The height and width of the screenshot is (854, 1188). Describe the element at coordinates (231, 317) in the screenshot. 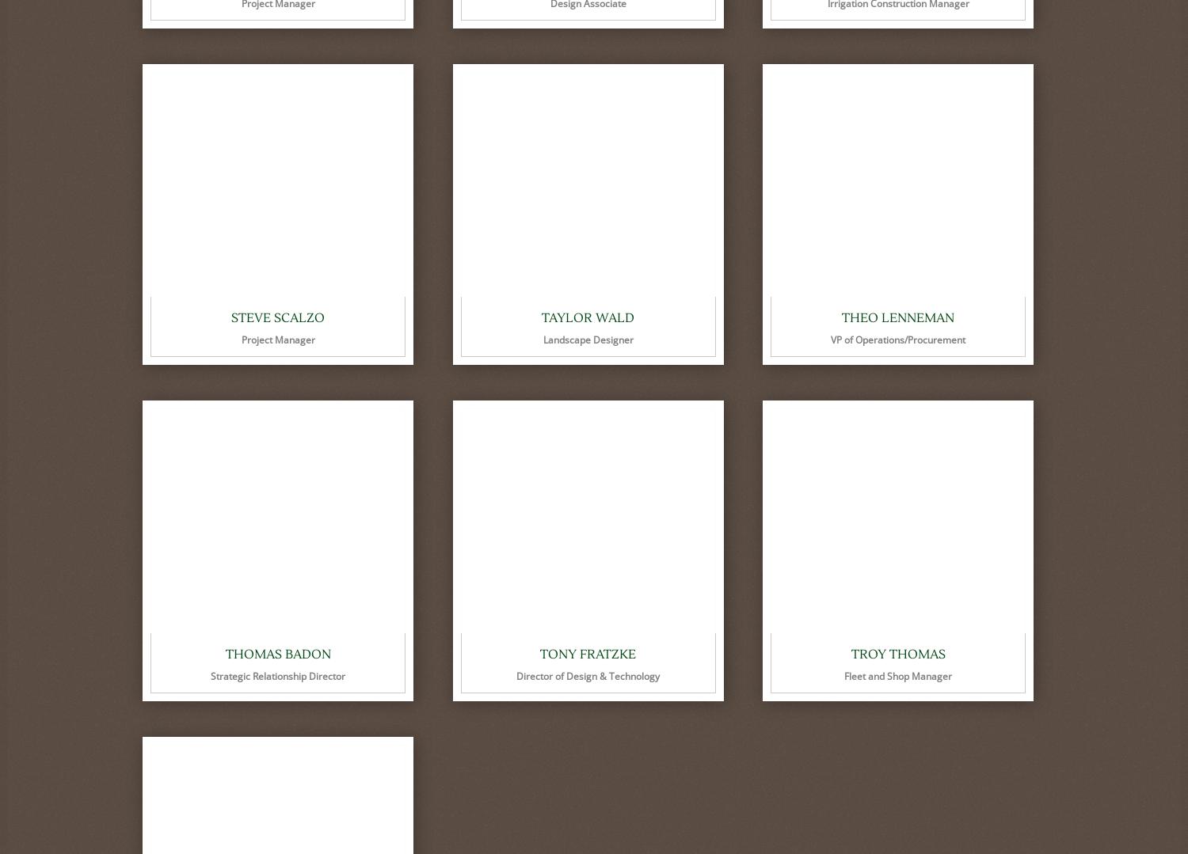

I see `'Steve Scalzo'` at that location.